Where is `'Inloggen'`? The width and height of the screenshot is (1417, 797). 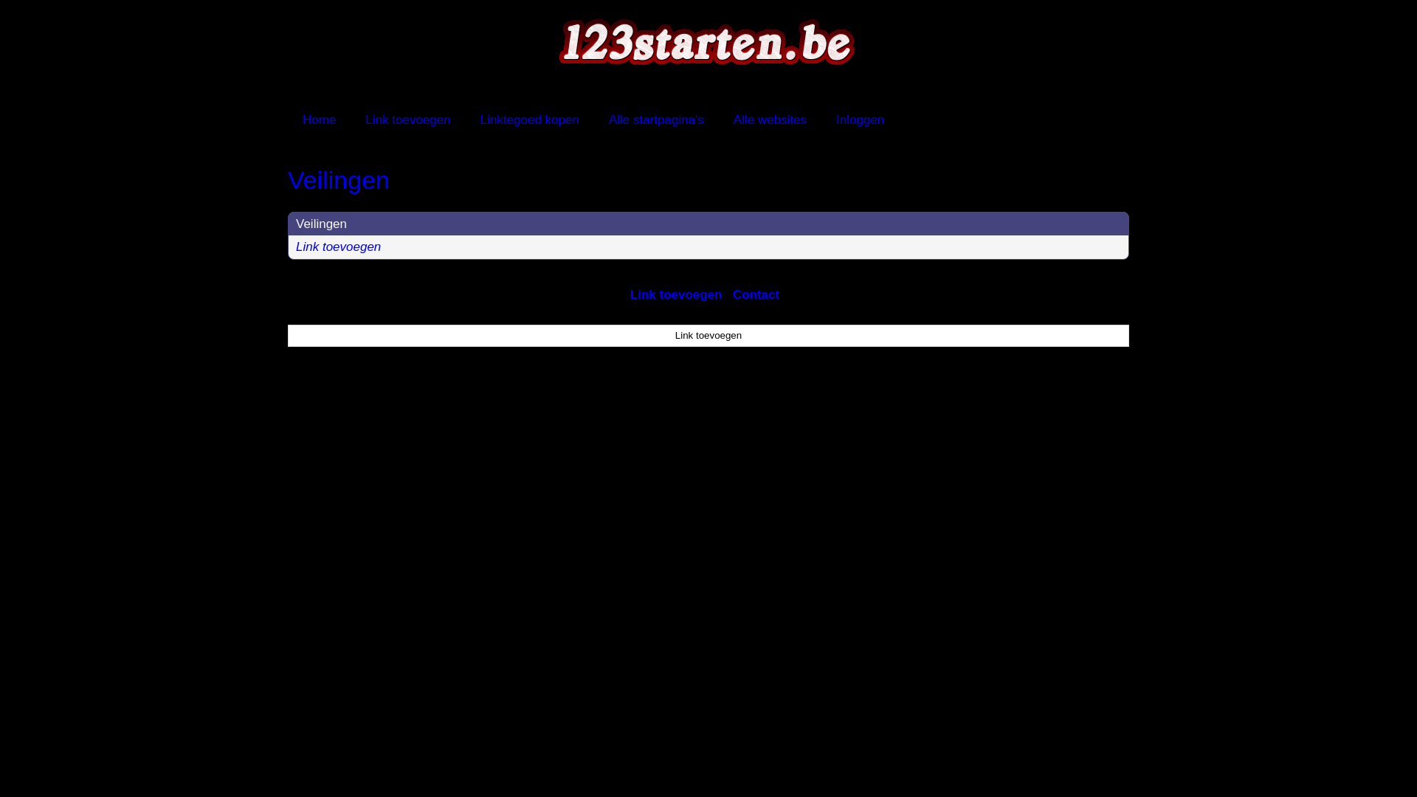
'Inloggen' is located at coordinates (860, 119).